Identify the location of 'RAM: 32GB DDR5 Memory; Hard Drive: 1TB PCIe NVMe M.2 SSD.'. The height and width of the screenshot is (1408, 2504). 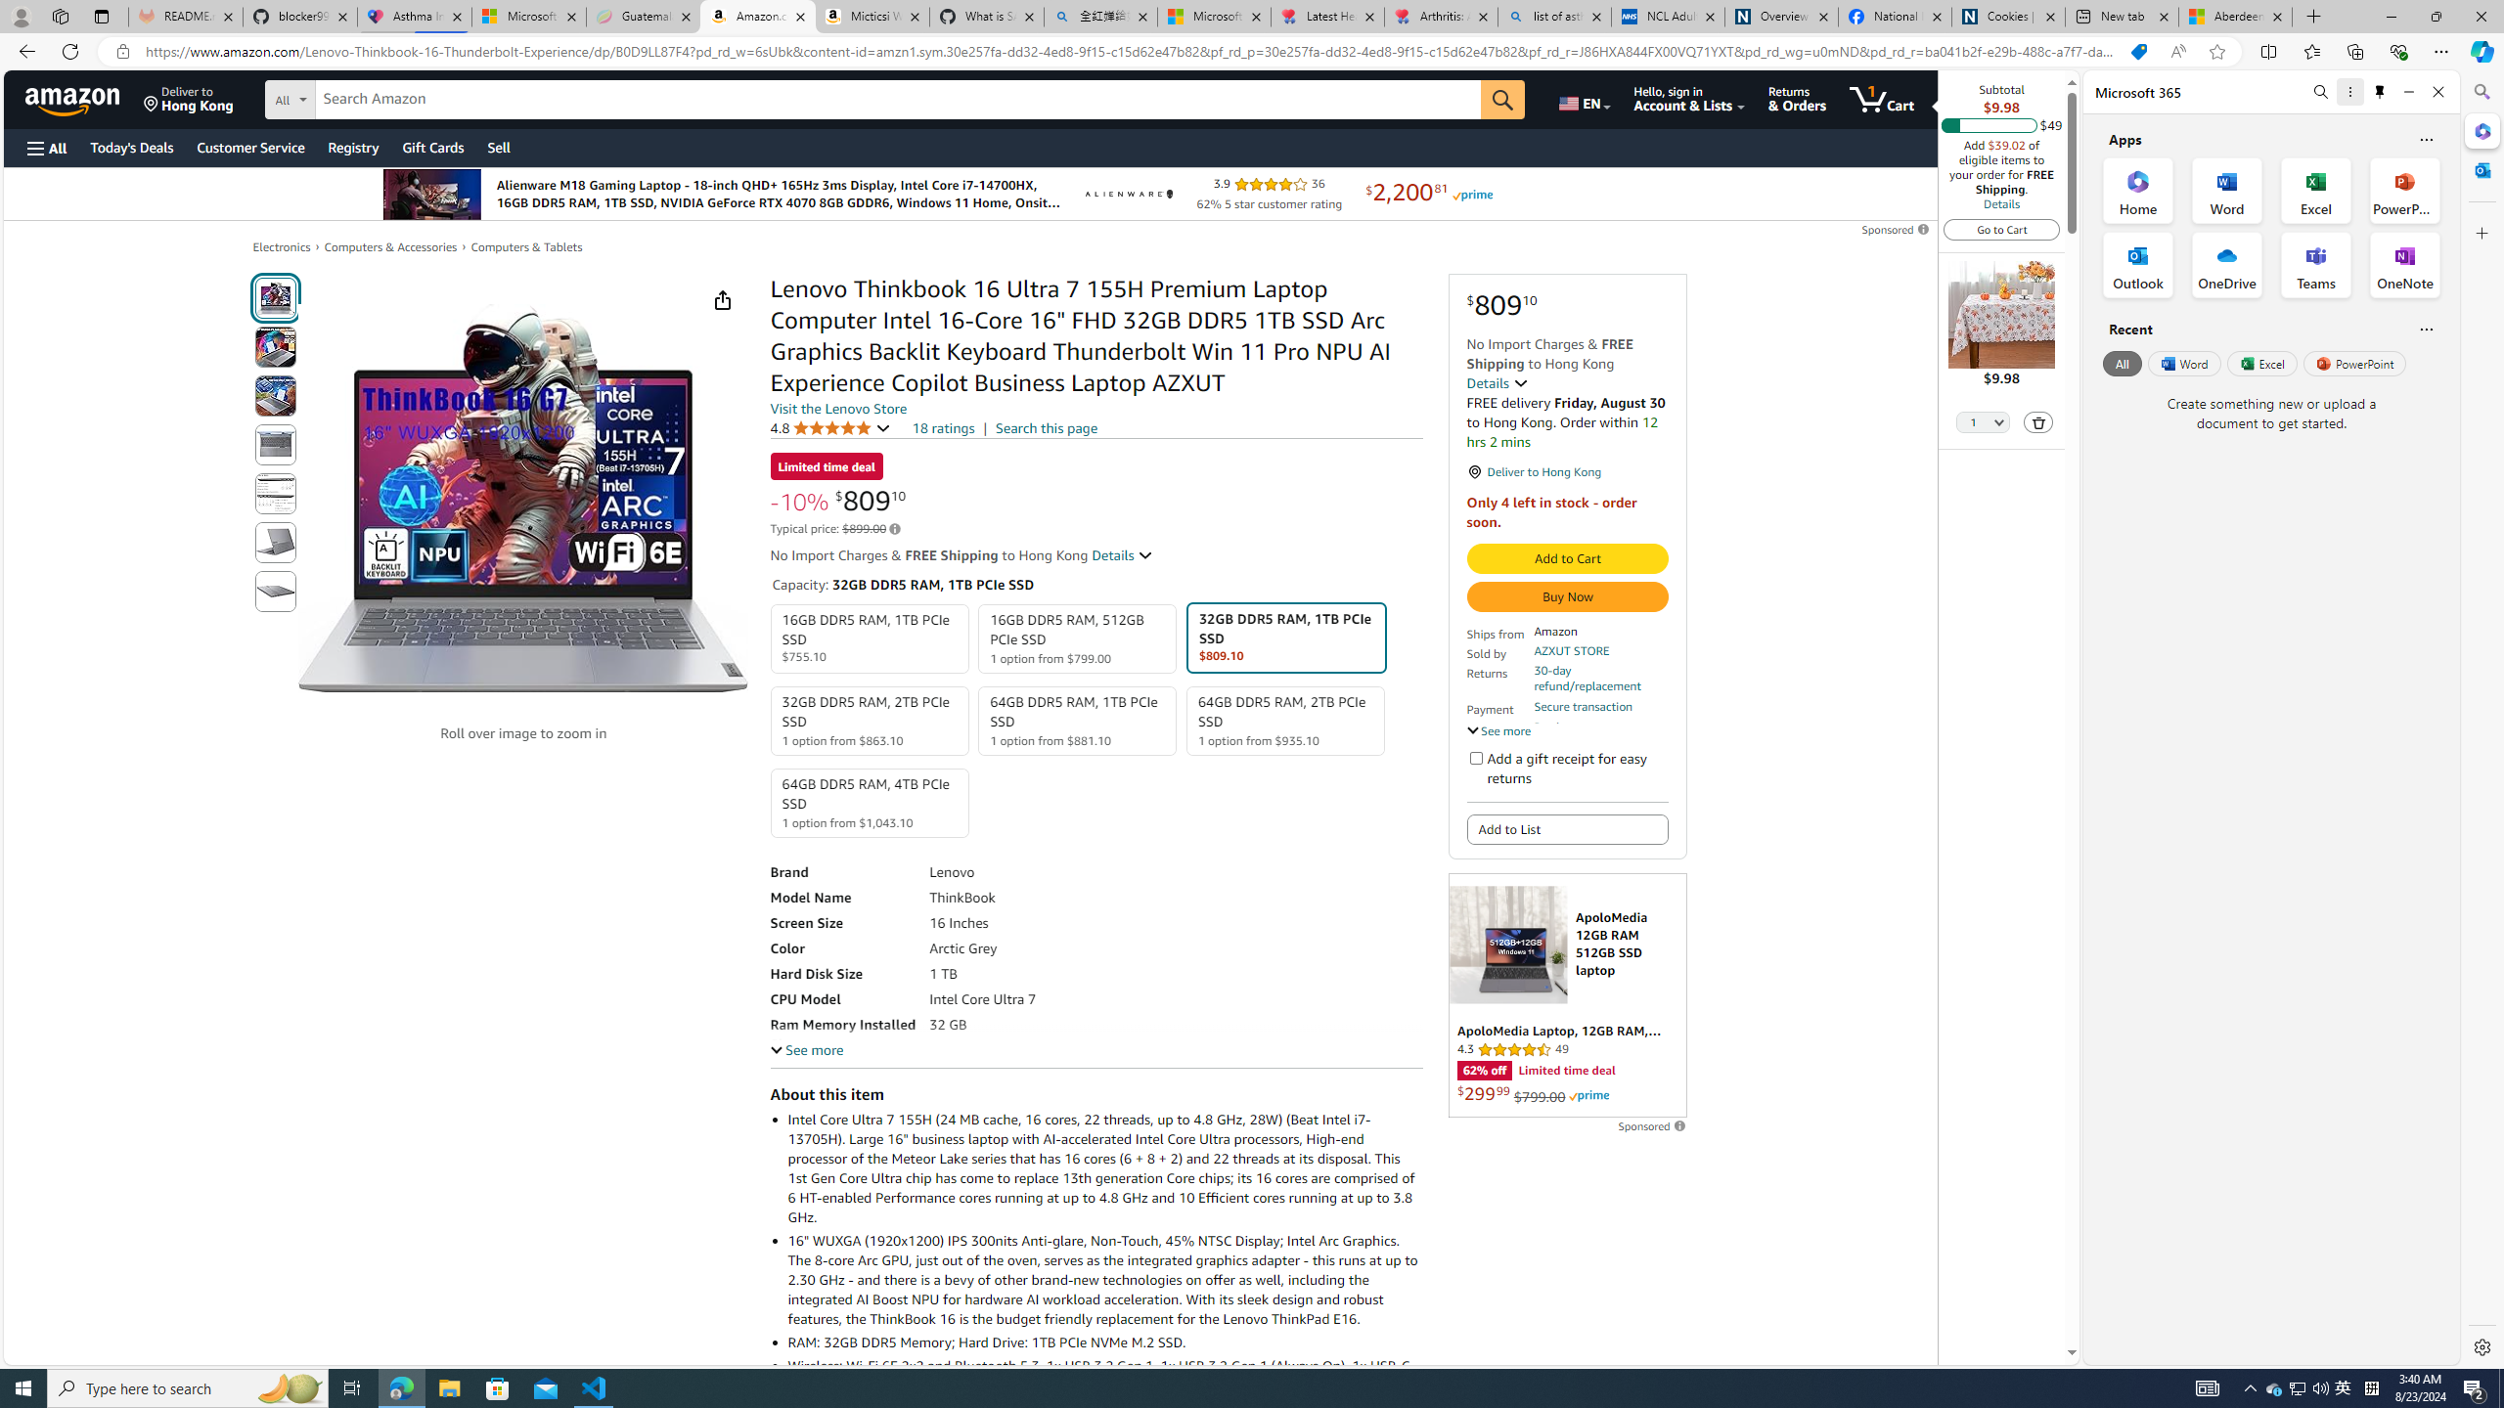
(1103, 1342).